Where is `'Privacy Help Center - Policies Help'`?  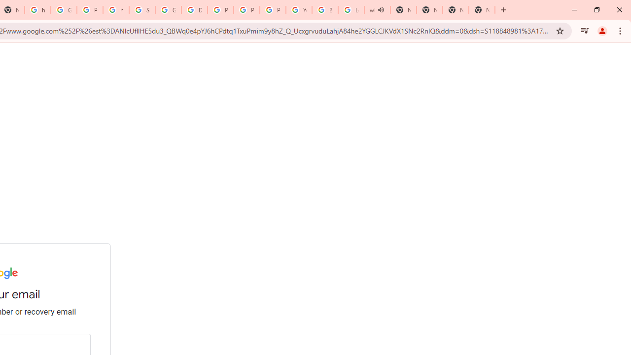 'Privacy Help Center - Policies Help' is located at coordinates (246, 10).